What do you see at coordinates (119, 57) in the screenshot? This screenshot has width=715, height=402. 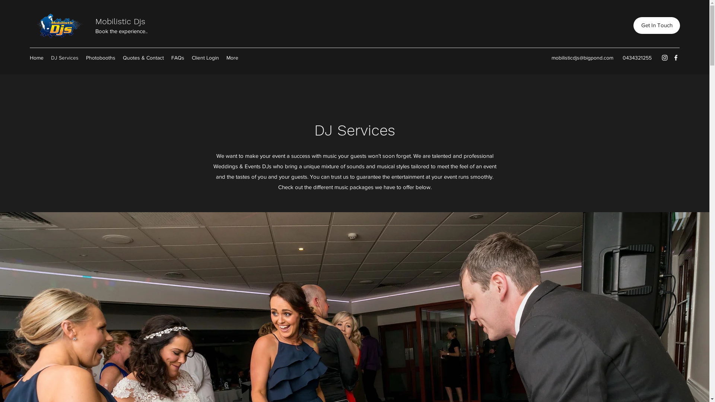 I see `'Quotes & Contact'` at bounding box center [119, 57].